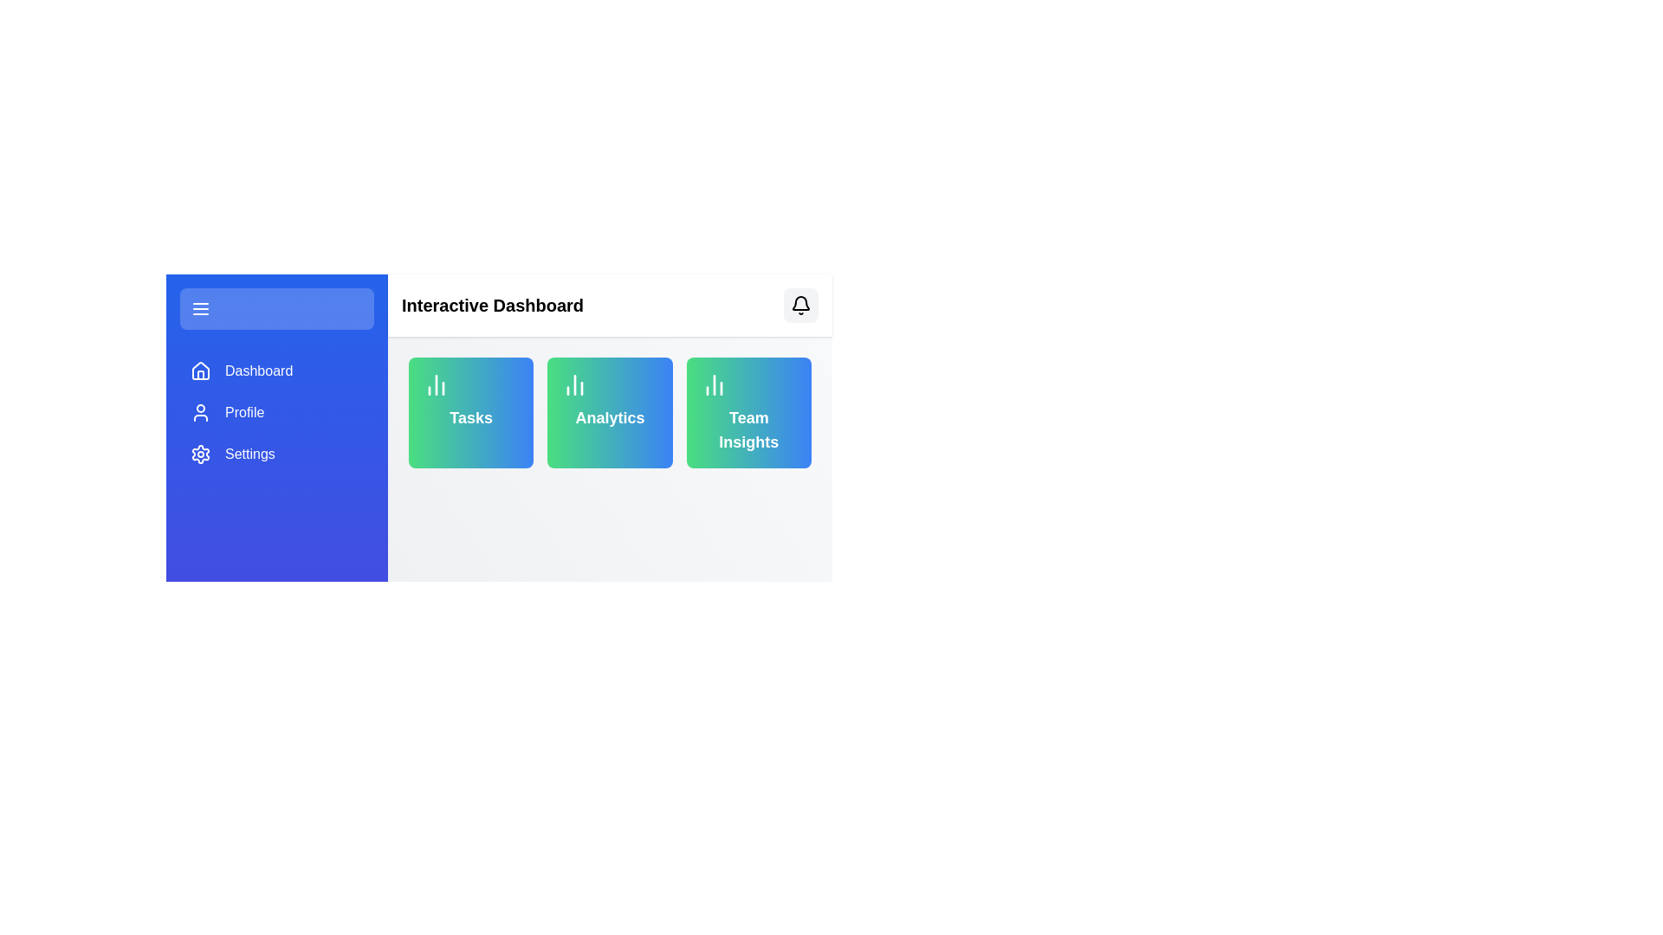 This screenshot has width=1663, height=935. Describe the element at coordinates (200, 370) in the screenshot. I see `the small house icon located on the left-side navigation bar, which is positioned to the left of the text 'Dashboard'` at that location.